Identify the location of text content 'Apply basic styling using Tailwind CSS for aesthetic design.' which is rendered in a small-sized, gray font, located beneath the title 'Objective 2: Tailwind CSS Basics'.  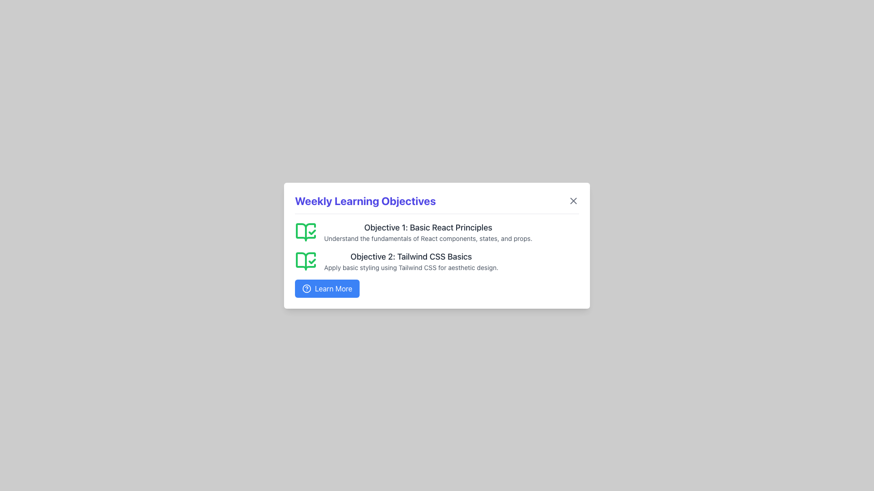
(411, 267).